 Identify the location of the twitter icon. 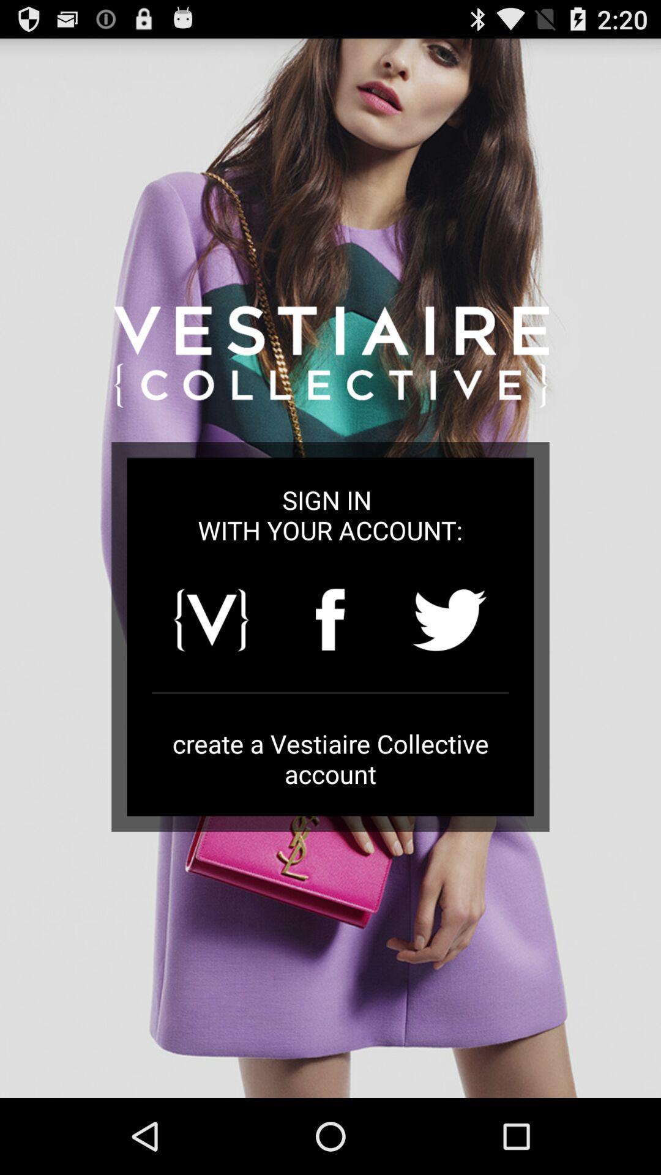
(449, 663).